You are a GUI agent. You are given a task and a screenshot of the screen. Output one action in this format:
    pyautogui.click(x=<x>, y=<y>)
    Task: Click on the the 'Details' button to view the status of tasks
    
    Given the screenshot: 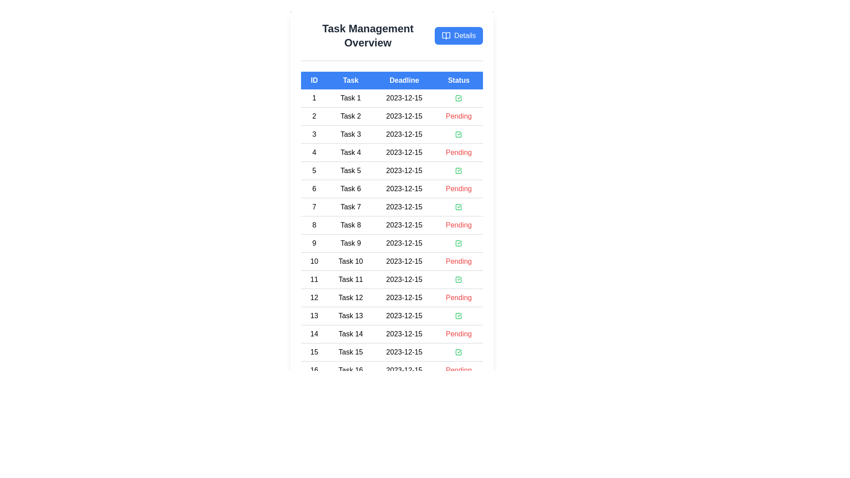 What is the action you would take?
    pyautogui.click(x=459, y=35)
    